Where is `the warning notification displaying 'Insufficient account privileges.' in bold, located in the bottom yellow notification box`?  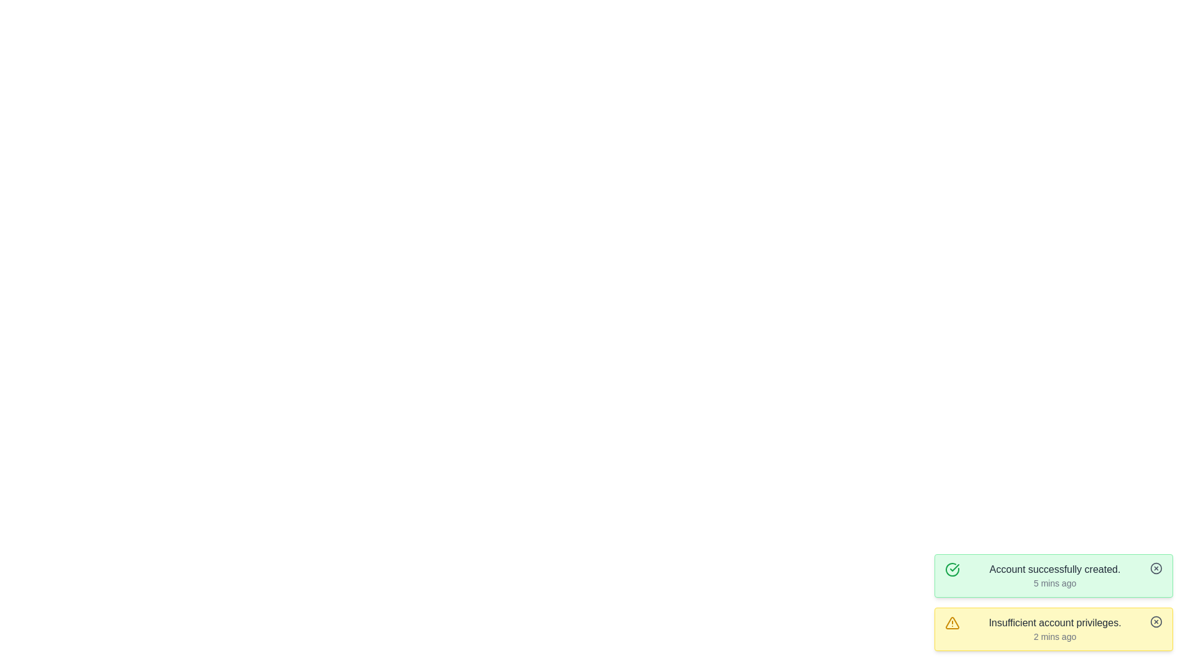 the warning notification displaying 'Insufficient account privileges.' in bold, located in the bottom yellow notification box is located at coordinates (1054, 629).